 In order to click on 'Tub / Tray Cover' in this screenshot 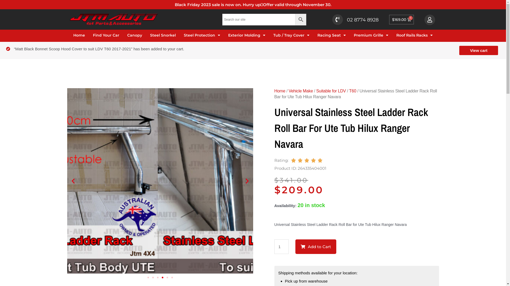, I will do `click(291, 35)`.